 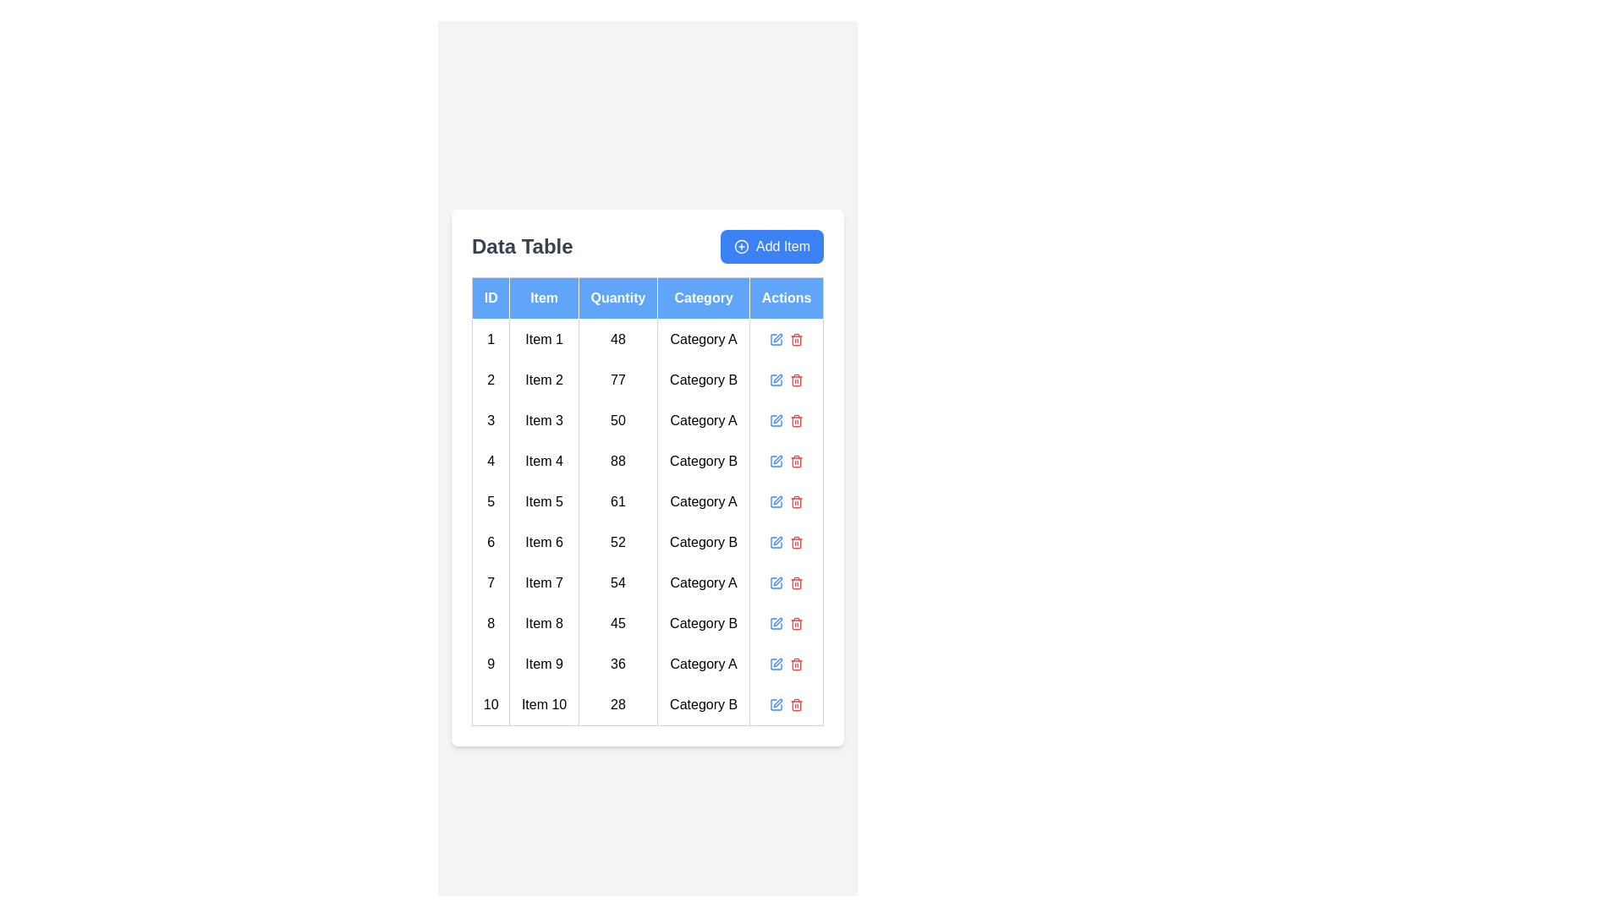 What do you see at coordinates (796, 419) in the screenshot?
I see `the trash bin icon in the 'Actions' column of the data table, specifically in the third row labeled 'Item 3'` at bounding box center [796, 419].